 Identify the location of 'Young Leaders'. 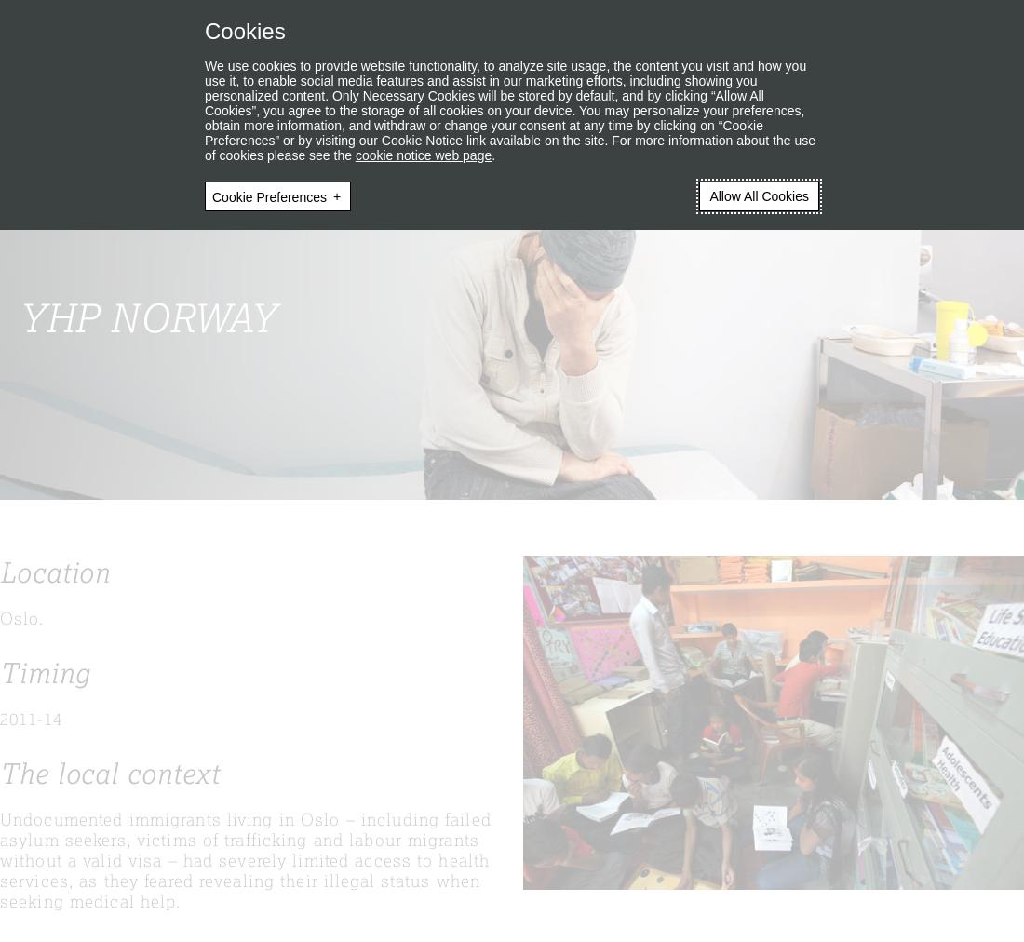
(346, 98).